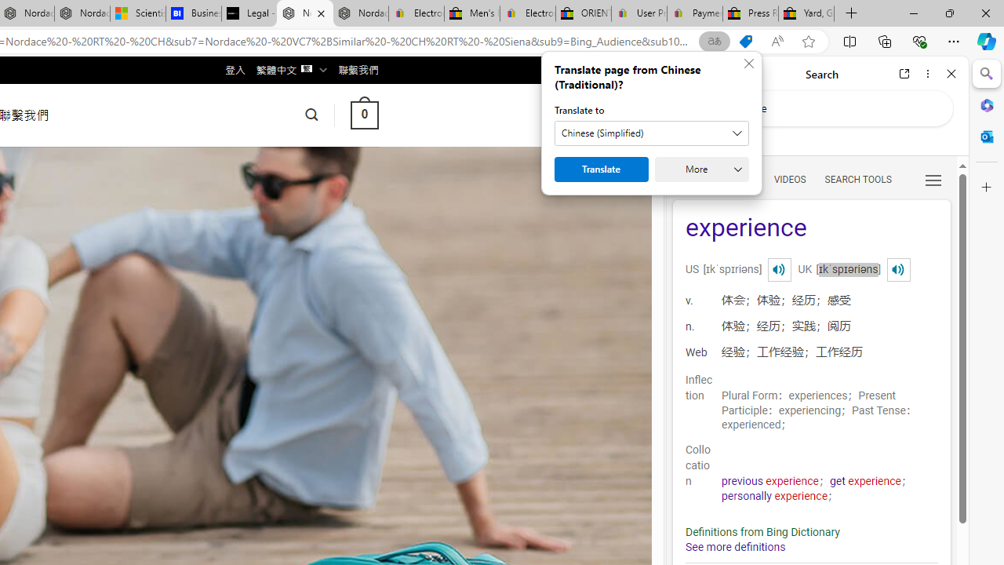 This screenshot has height=565, width=1004. I want to click on 'Search Filter, VIDEOS', so click(789, 178).